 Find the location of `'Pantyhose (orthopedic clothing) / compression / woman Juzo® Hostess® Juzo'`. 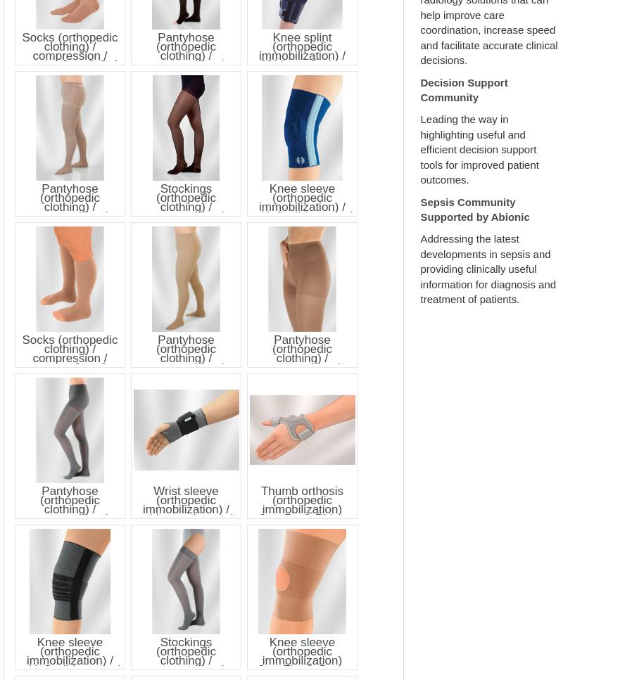

'Pantyhose (orthopedic clothing) / compression / woman Juzo® Hostess® Juzo' is located at coordinates (301, 361).